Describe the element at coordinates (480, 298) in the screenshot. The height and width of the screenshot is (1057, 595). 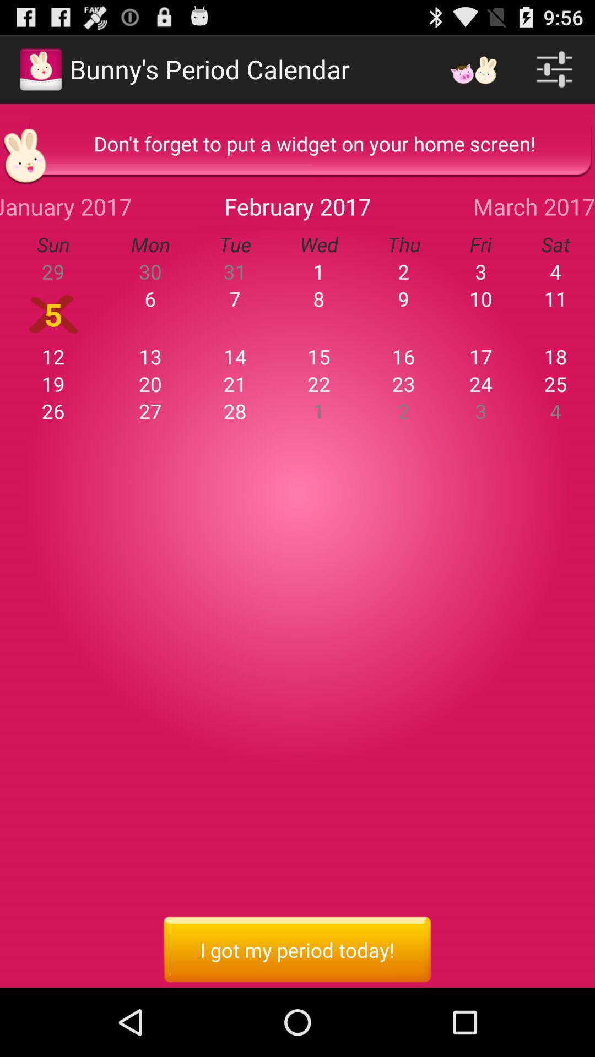
I see `the item next to the 2 app` at that location.